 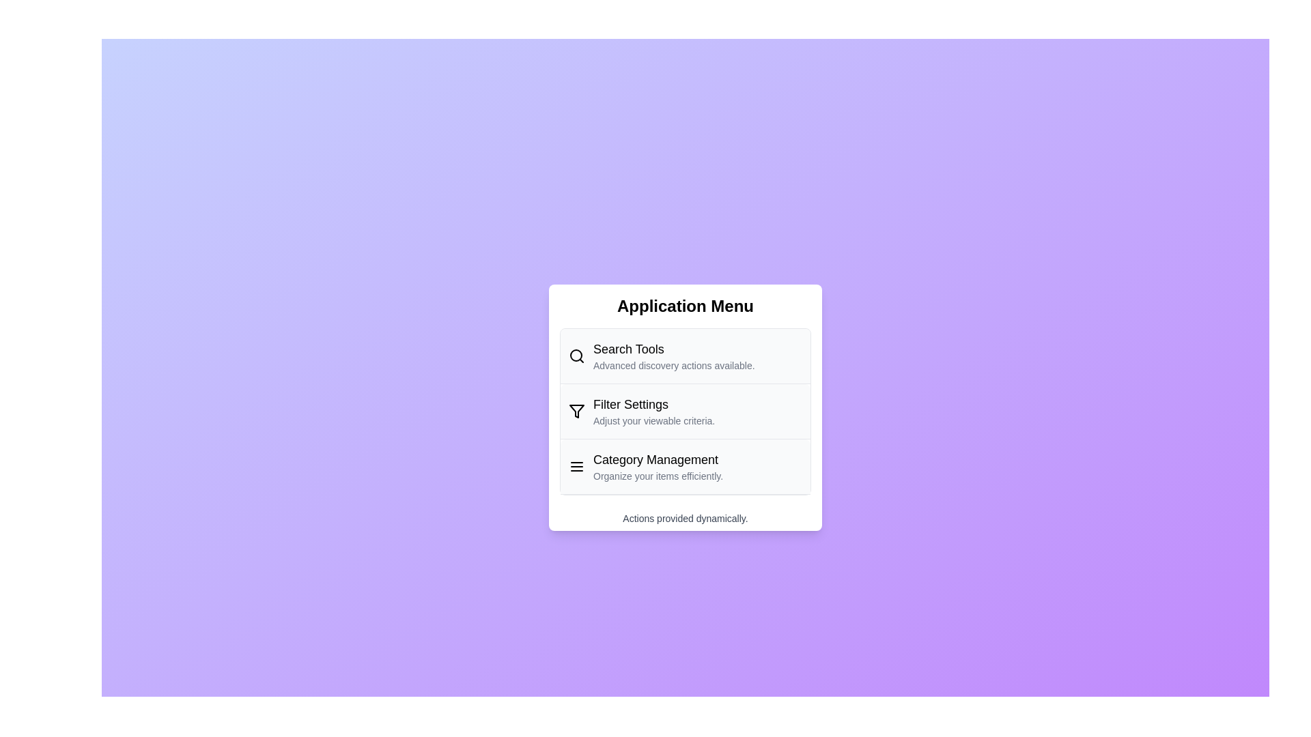 I want to click on the menu item corresponding to Filter Settings to open its section, so click(x=685, y=410).